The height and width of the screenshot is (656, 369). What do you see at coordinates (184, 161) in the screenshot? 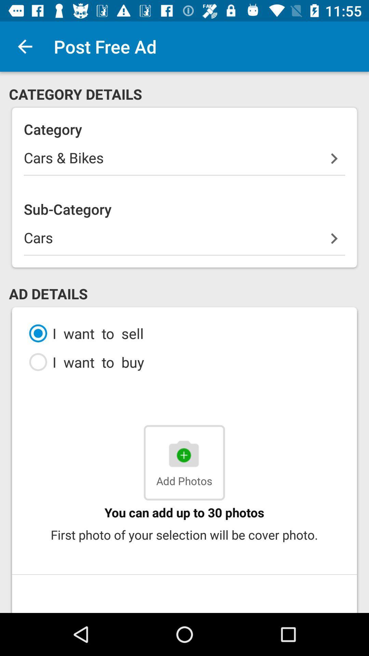
I see `cars & bikes icon` at bounding box center [184, 161].